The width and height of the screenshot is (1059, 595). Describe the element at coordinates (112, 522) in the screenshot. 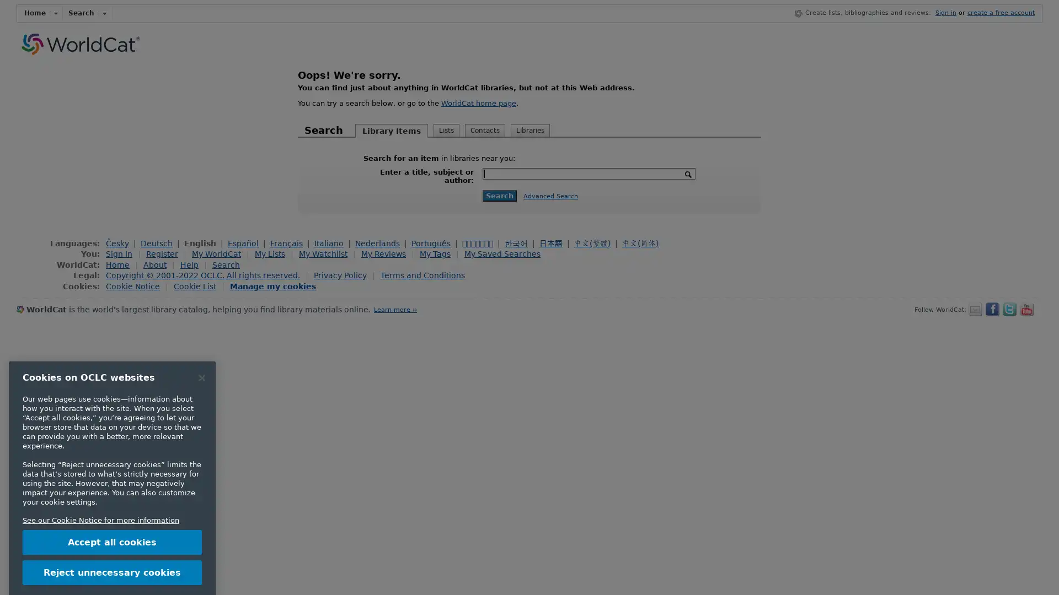

I see `Reject unnecessary cookies` at that location.